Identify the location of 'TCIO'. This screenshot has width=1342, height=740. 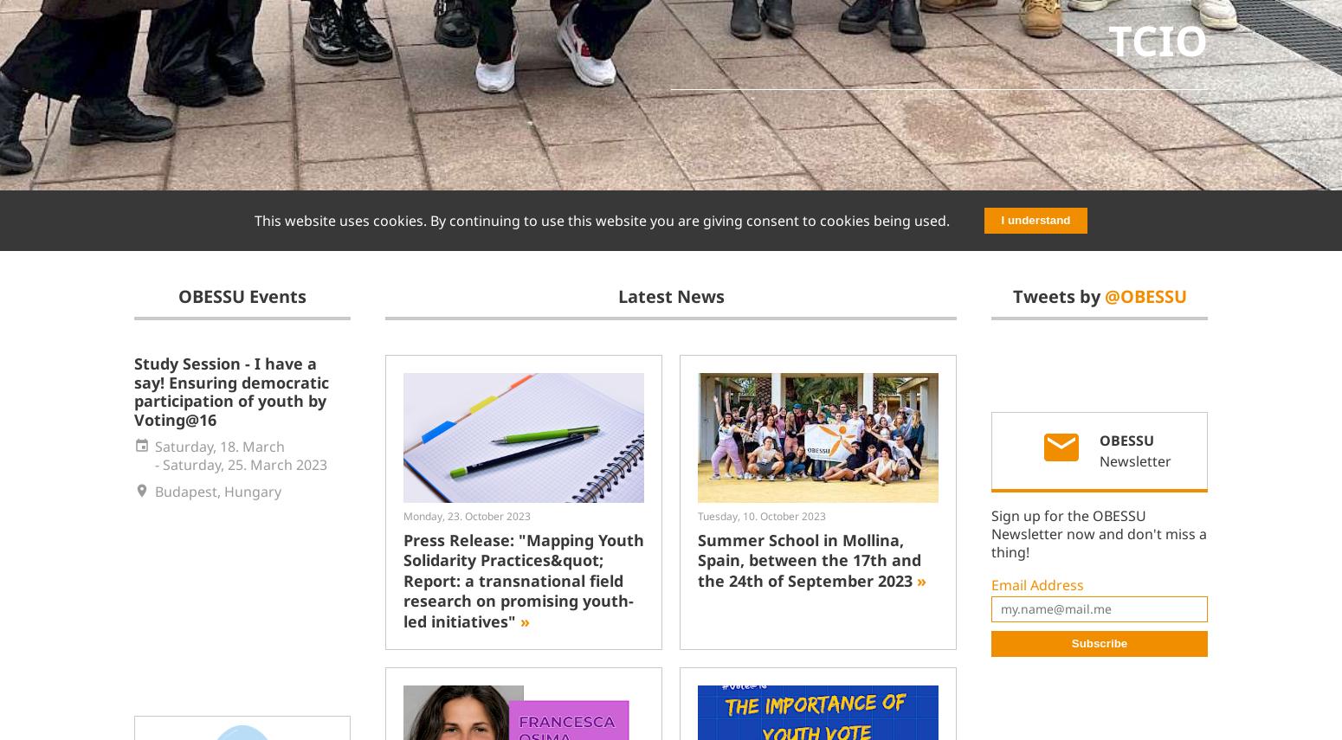
(1158, 39).